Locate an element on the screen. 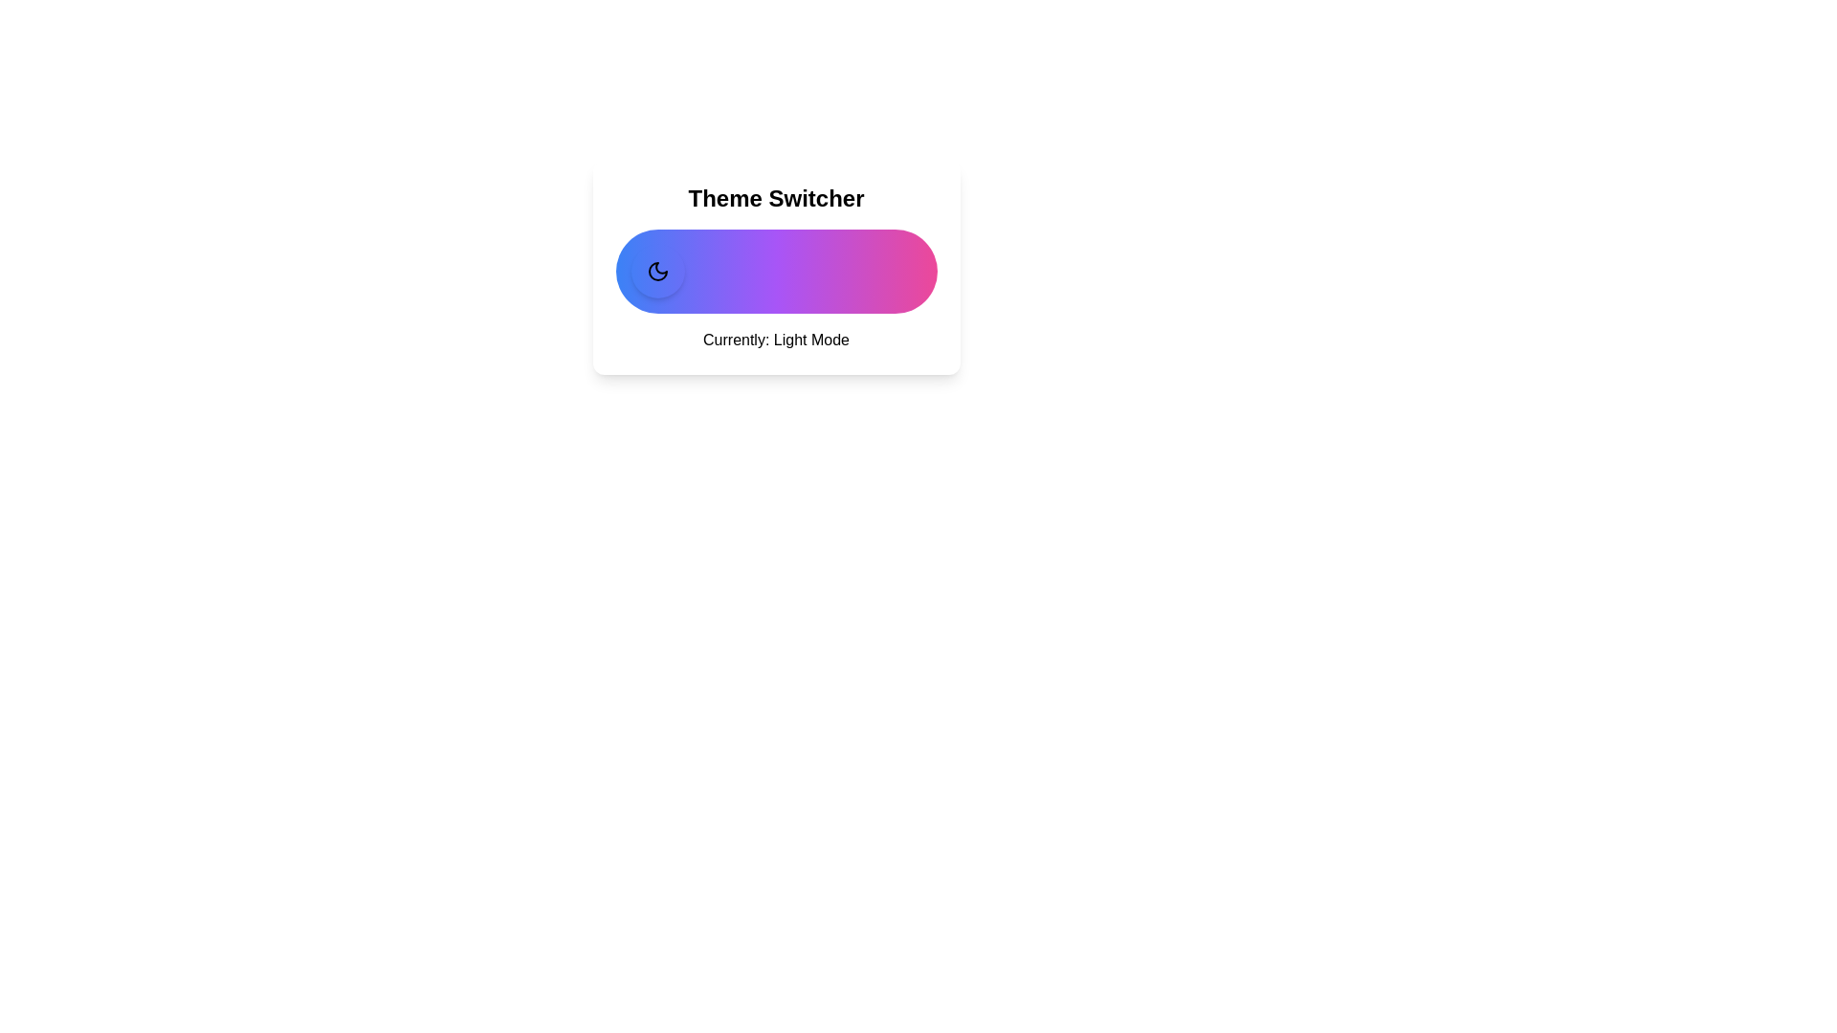  the text 'Currently: Light Mode' displayed below the theme switcher is located at coordinates (776, 339).